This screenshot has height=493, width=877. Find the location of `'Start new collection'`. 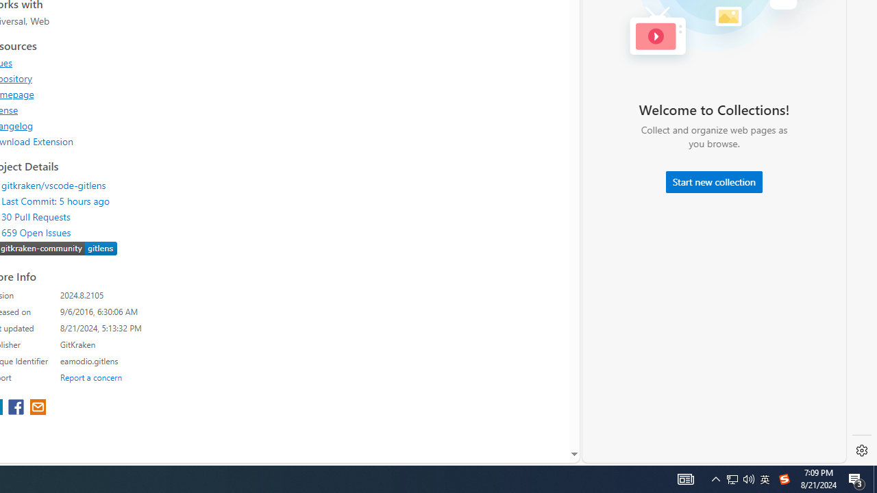

'Start new collection' is located at coordinates (713, 181).